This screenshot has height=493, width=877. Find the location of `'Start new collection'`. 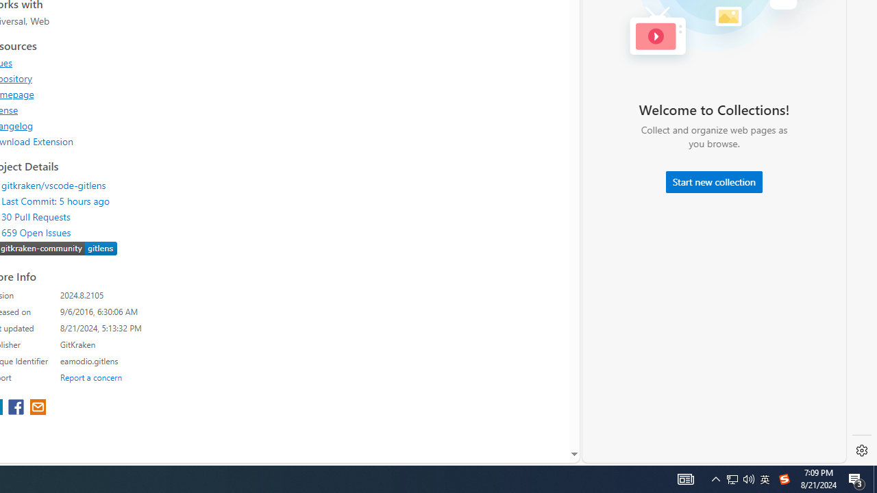

'Start new collection' is located at coordinates (713, 181).